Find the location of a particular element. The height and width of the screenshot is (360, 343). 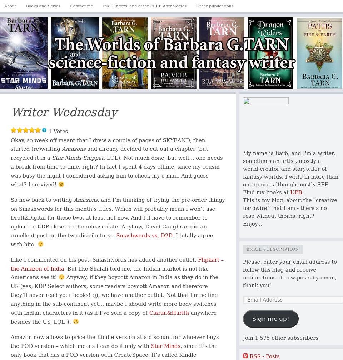

'Books and Series' is located at coordinates (43, 6).